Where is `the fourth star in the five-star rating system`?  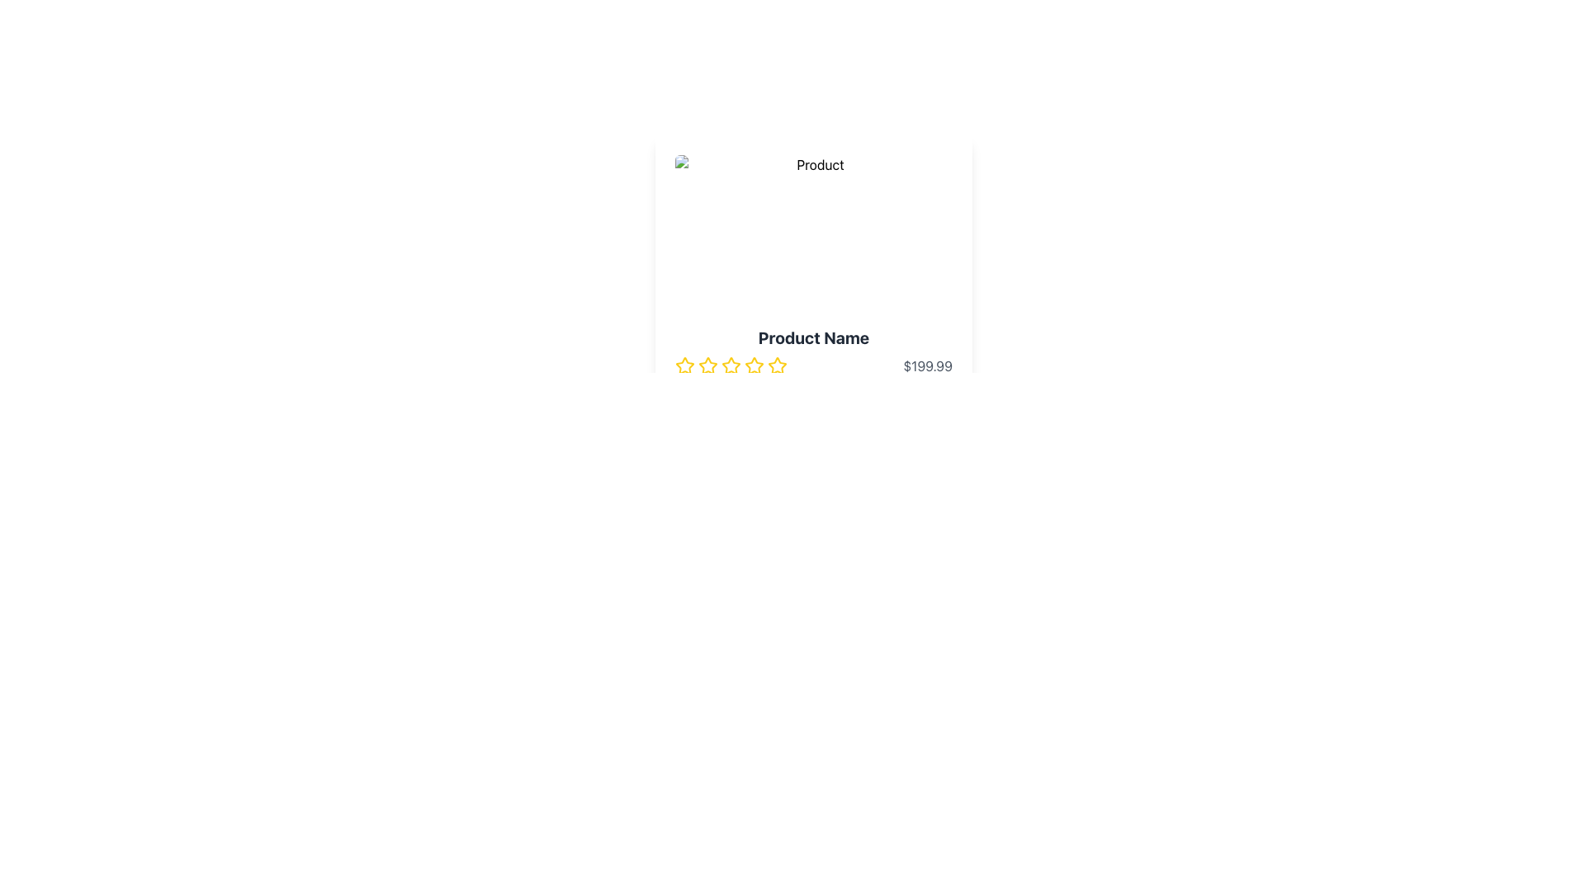 the fourth star in the five-star rating system is located at coordinates (731, 365).